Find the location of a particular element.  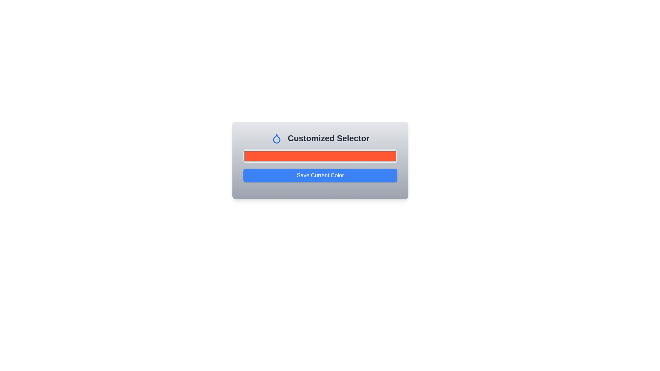

the icon representing the 'Customized Selector' feature, which is positioned to the left of the text in a horizontal layout is located at coordinates (277, 138).